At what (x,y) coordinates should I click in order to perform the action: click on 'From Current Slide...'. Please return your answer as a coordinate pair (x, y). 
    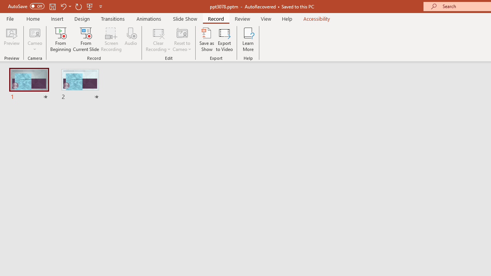
    Looking at the image, I should click on (86, 39).